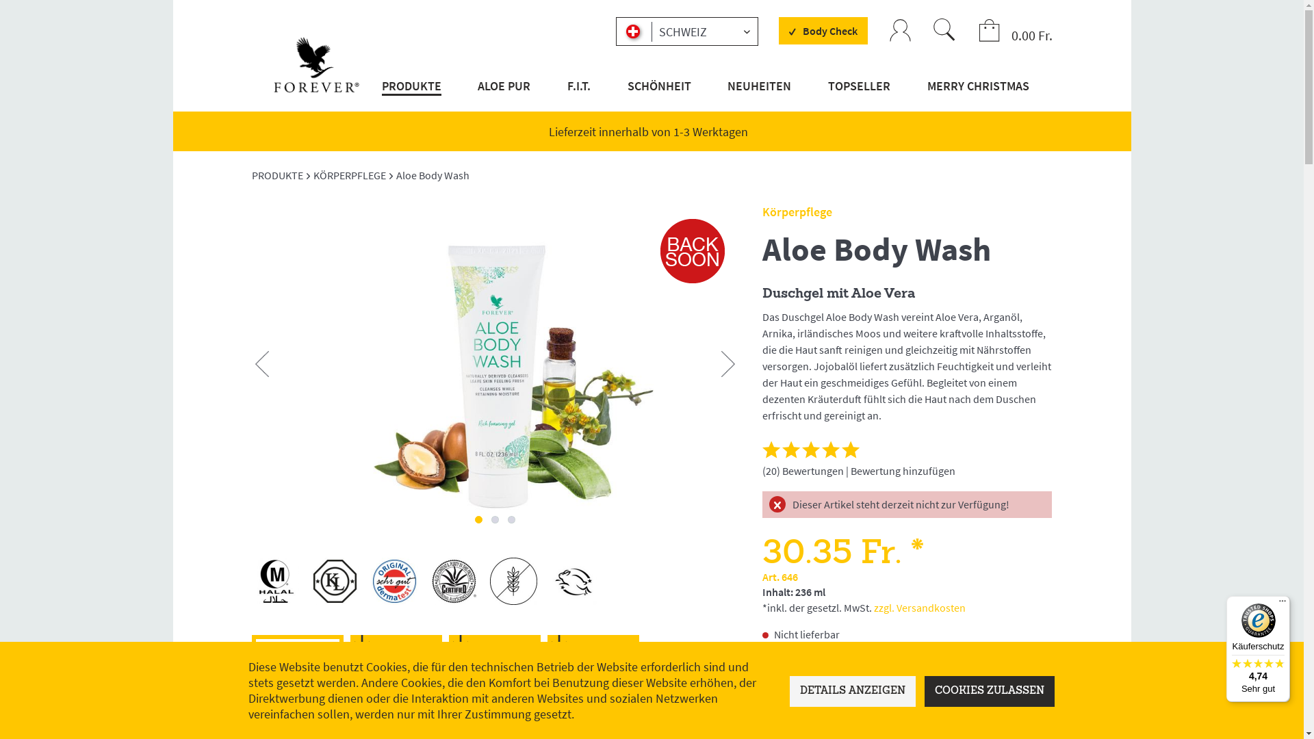  Describe the element at coordinates (924, 691) in the screenshot. I see `'COOKIES ZULASSEN'` at that location.